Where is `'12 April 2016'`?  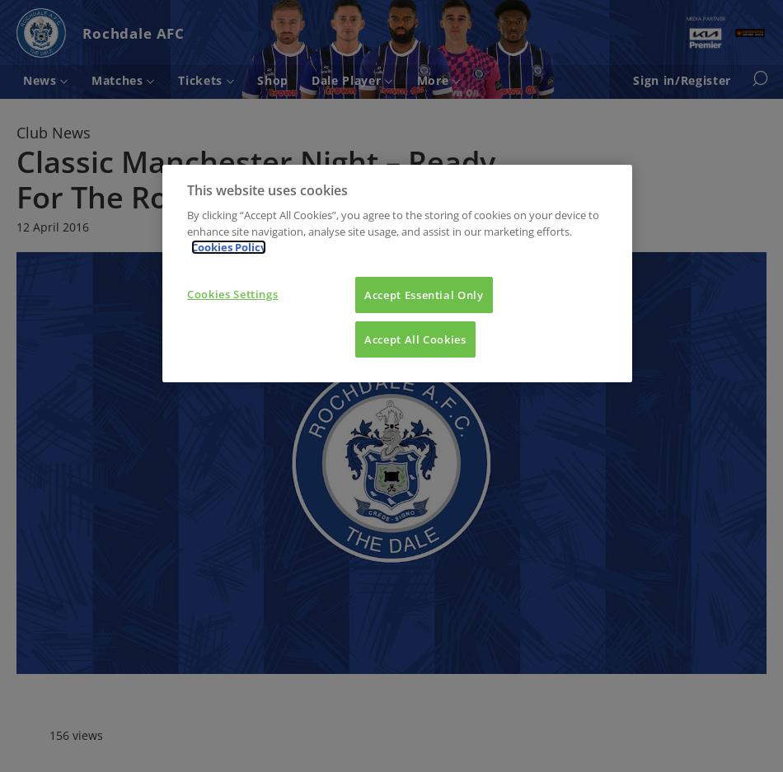 '12 April 2016' is located at coordinates (53, 226).